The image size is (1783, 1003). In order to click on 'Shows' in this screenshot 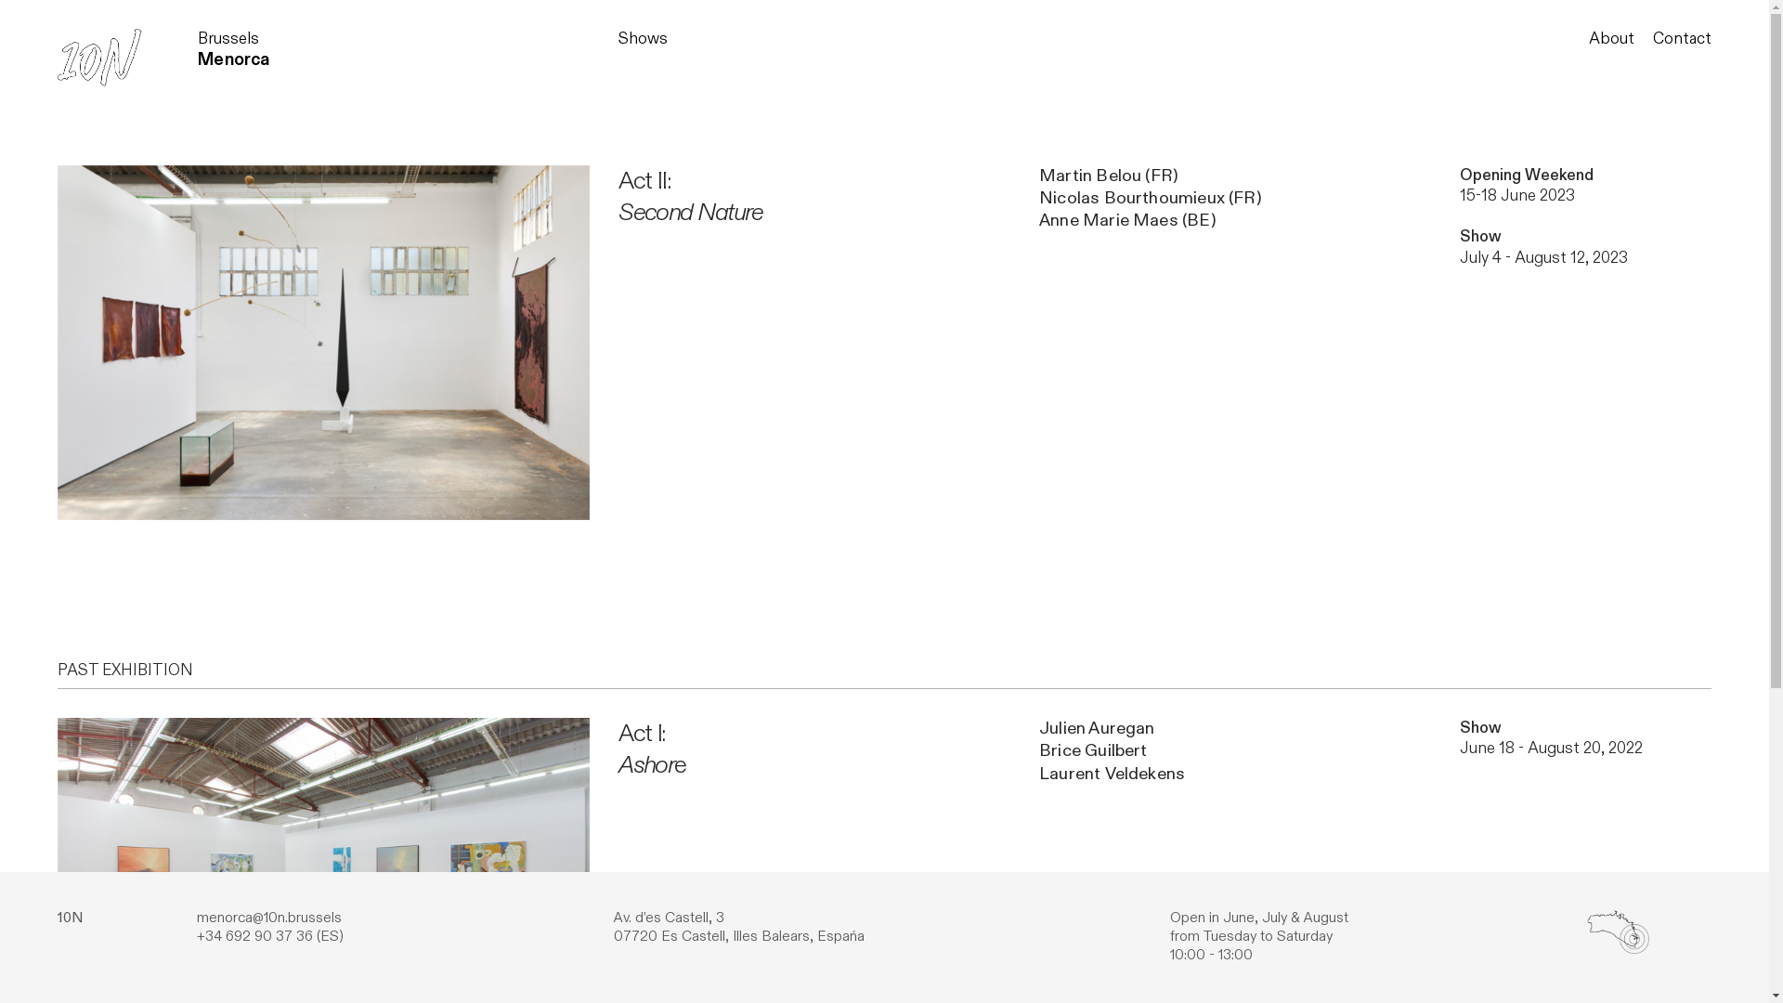, I will do `click(643, 38)`.